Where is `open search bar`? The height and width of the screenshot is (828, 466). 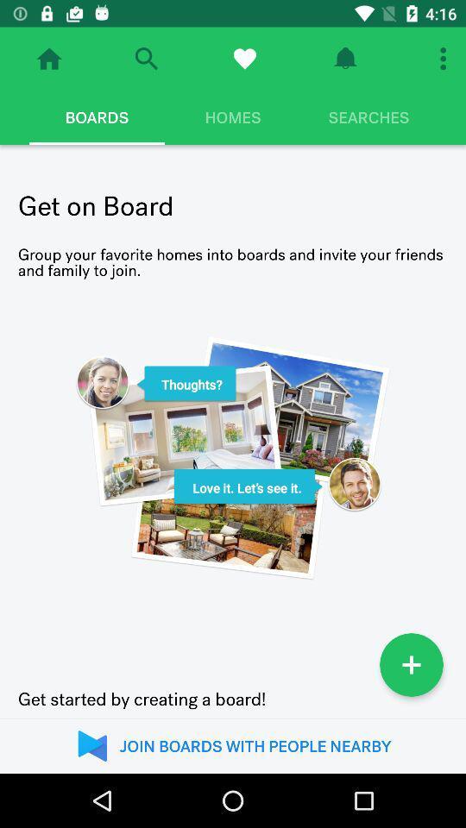 open search bar is located at coordinates (145, 59).